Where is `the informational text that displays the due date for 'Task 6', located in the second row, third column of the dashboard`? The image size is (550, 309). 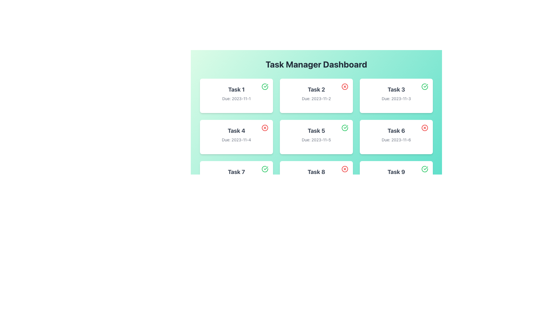 the informational text that displays the due date for 'Task 6', located in the second row, third column of the dashboard is located at coordinates (396, 140).